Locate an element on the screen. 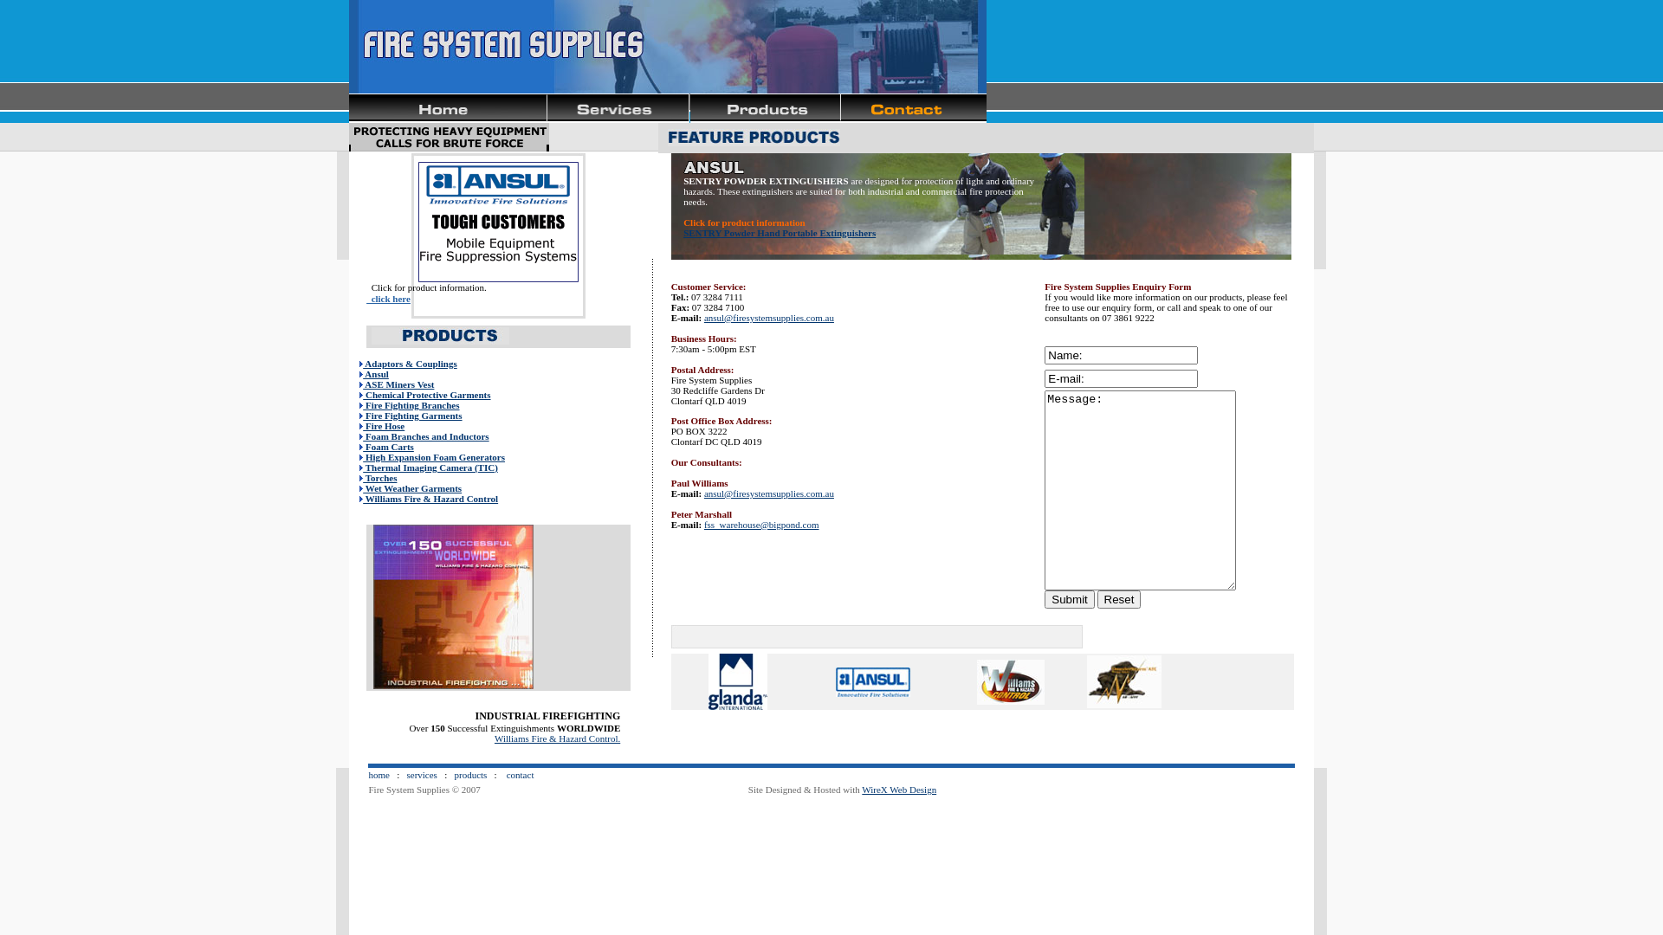 The image size is (1663, 935). ' High Expansion Foam Generators' is located at coordinates (358, 456).